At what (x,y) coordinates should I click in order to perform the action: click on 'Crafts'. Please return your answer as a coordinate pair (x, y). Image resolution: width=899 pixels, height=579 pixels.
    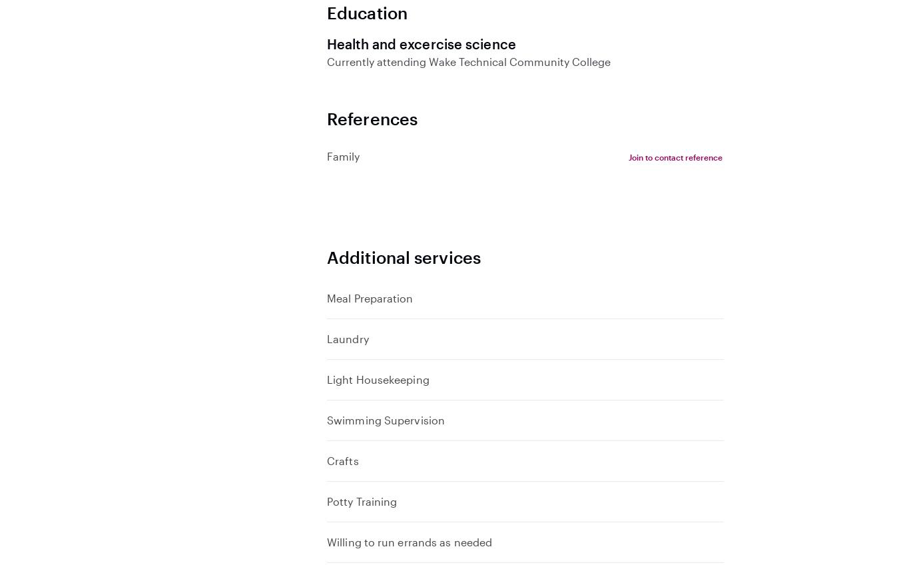
    Looking at the image, I should click on (326, 460).